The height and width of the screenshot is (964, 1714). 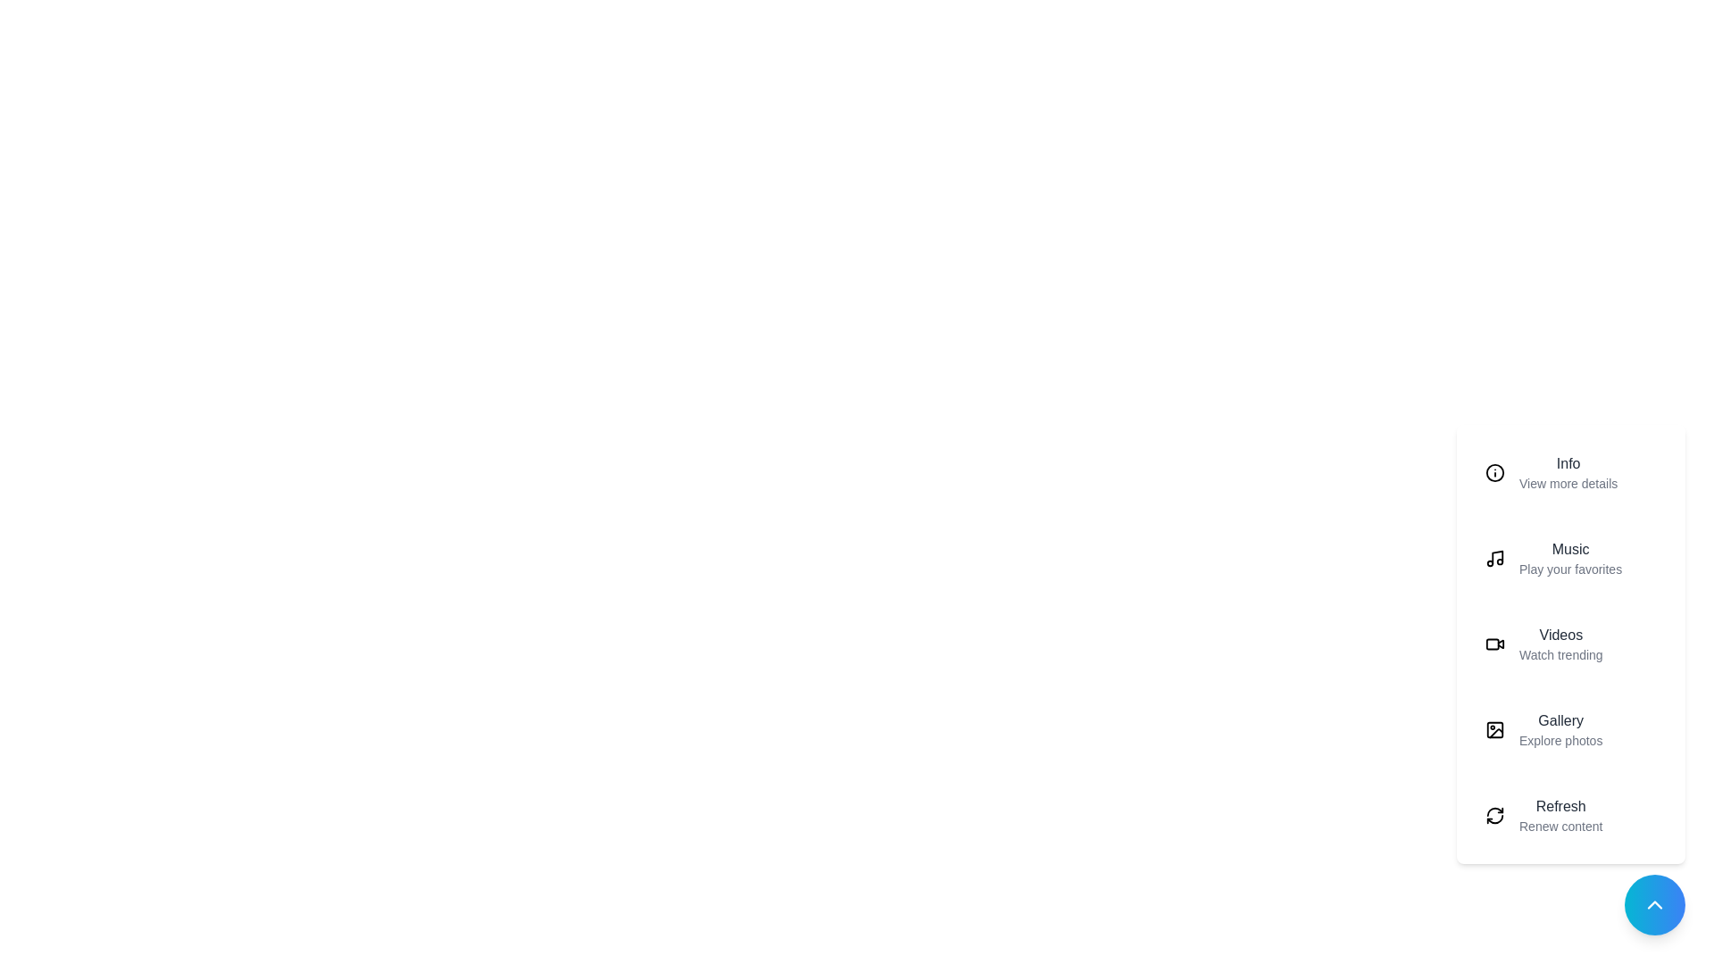 What do you see at coordinates (1571, 729) in the screenshot?
I see `the Gallery item to explore photos` at bounding box center [1571, 729].